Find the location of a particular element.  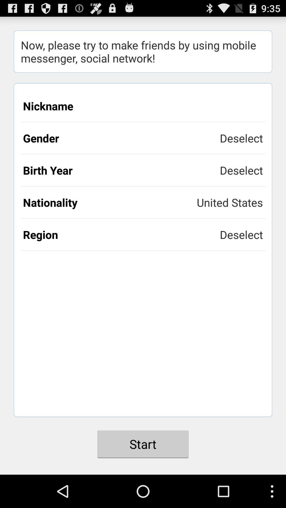

the app to the left of deselect app is located at coordinates (121, 234).